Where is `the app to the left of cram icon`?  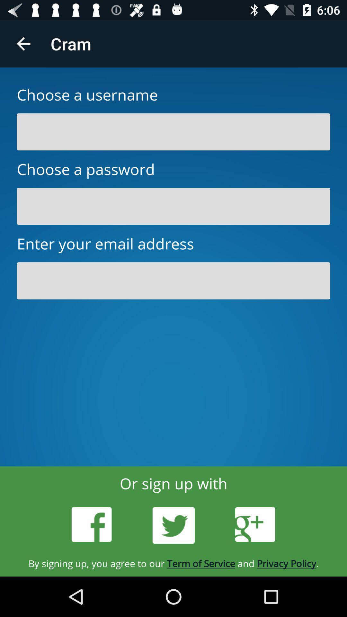 the app to the left of cram icon is located at coordinates (23, 43).